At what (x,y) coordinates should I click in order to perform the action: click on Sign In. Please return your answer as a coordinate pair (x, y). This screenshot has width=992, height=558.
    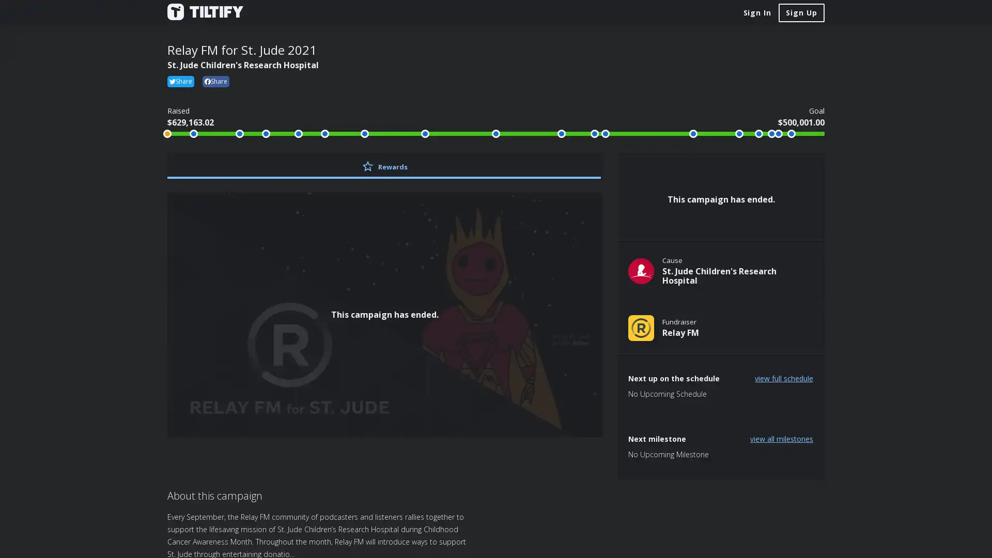
    Looking at the image, I should click on (757, 12).